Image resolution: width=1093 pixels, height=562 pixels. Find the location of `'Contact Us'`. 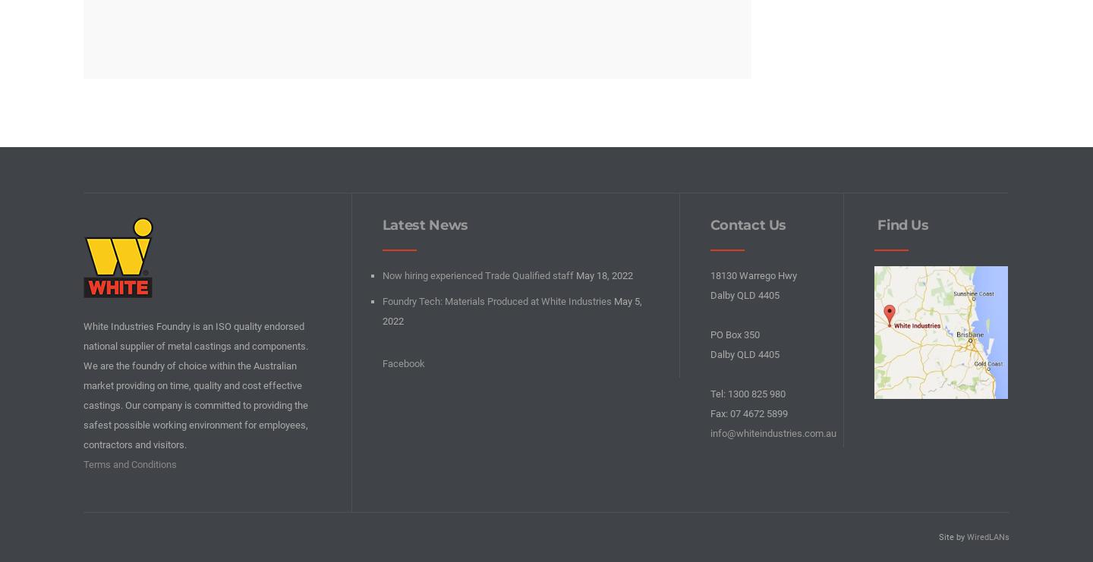

'Contact Us' is located at coordinates (709, 224).